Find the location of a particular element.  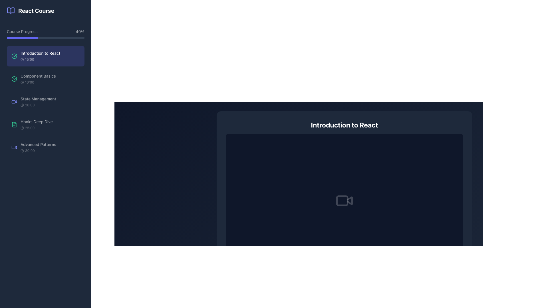

text label that displays the percentage of course completion progress, located to the right of the label 'Course Progress' in the upper section of the interface is located at coordinates (80, 32).